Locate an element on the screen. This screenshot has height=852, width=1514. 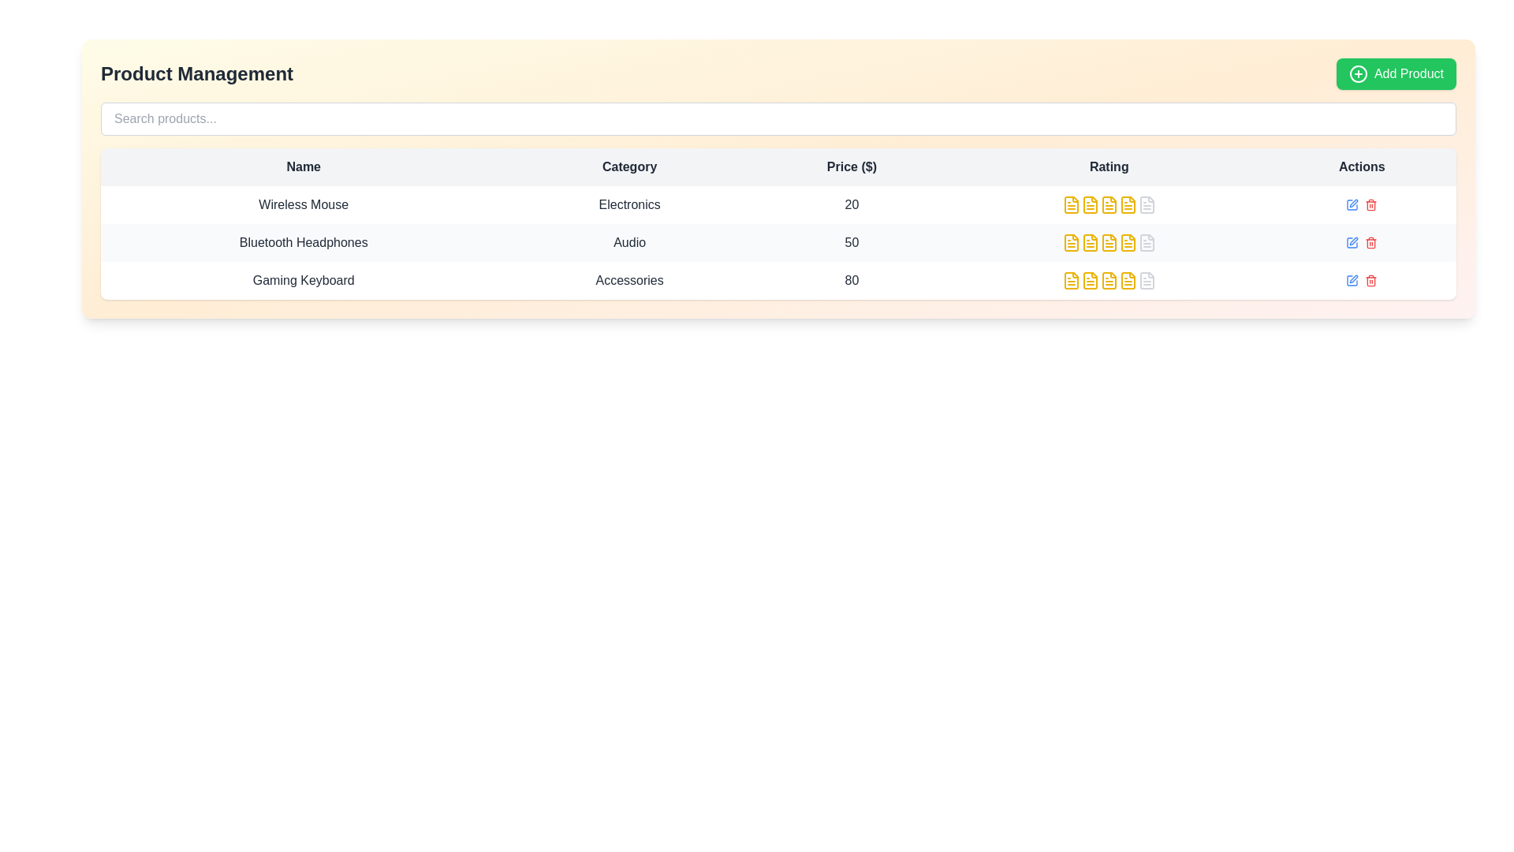
the red trash can icon in the 'Actions' column of the data table is located at coordinates (1370, 204).